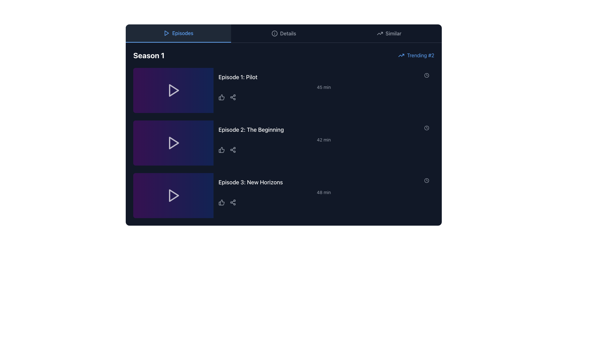 The width and height of the screenshot is (602, 338). Describe the element at coordinates (251, 130) in the screenshot. I see `title text of the second episode in the series, located to the right of the video thumbnail and aligned with the second row of 'Season 1'` at that location.